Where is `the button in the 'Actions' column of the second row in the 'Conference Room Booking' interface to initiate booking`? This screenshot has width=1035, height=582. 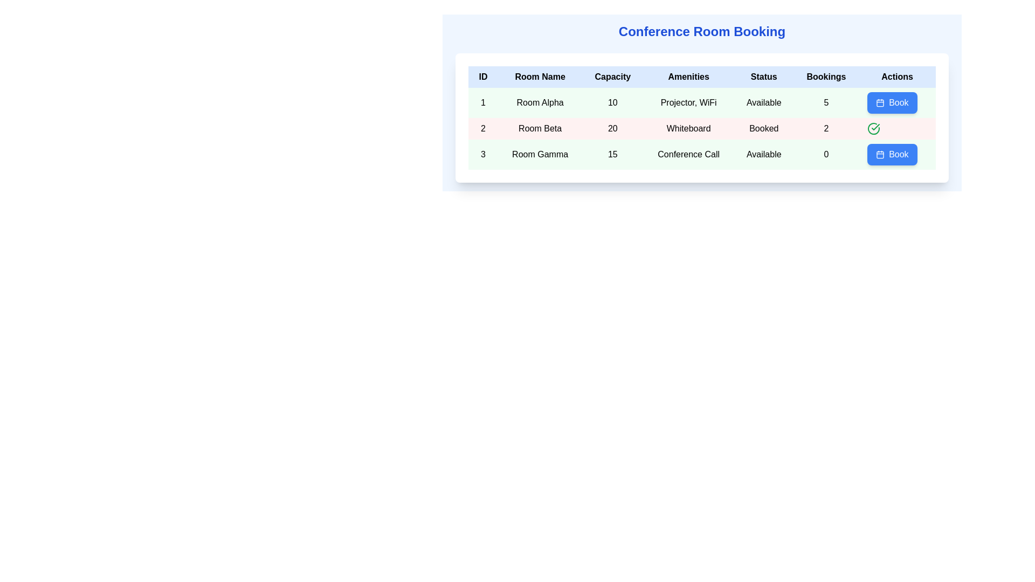
the button in the 'Actions' column of the second row in the 'Conference Room Booking' interface to initiate booking is located at coordinates (892, 103).